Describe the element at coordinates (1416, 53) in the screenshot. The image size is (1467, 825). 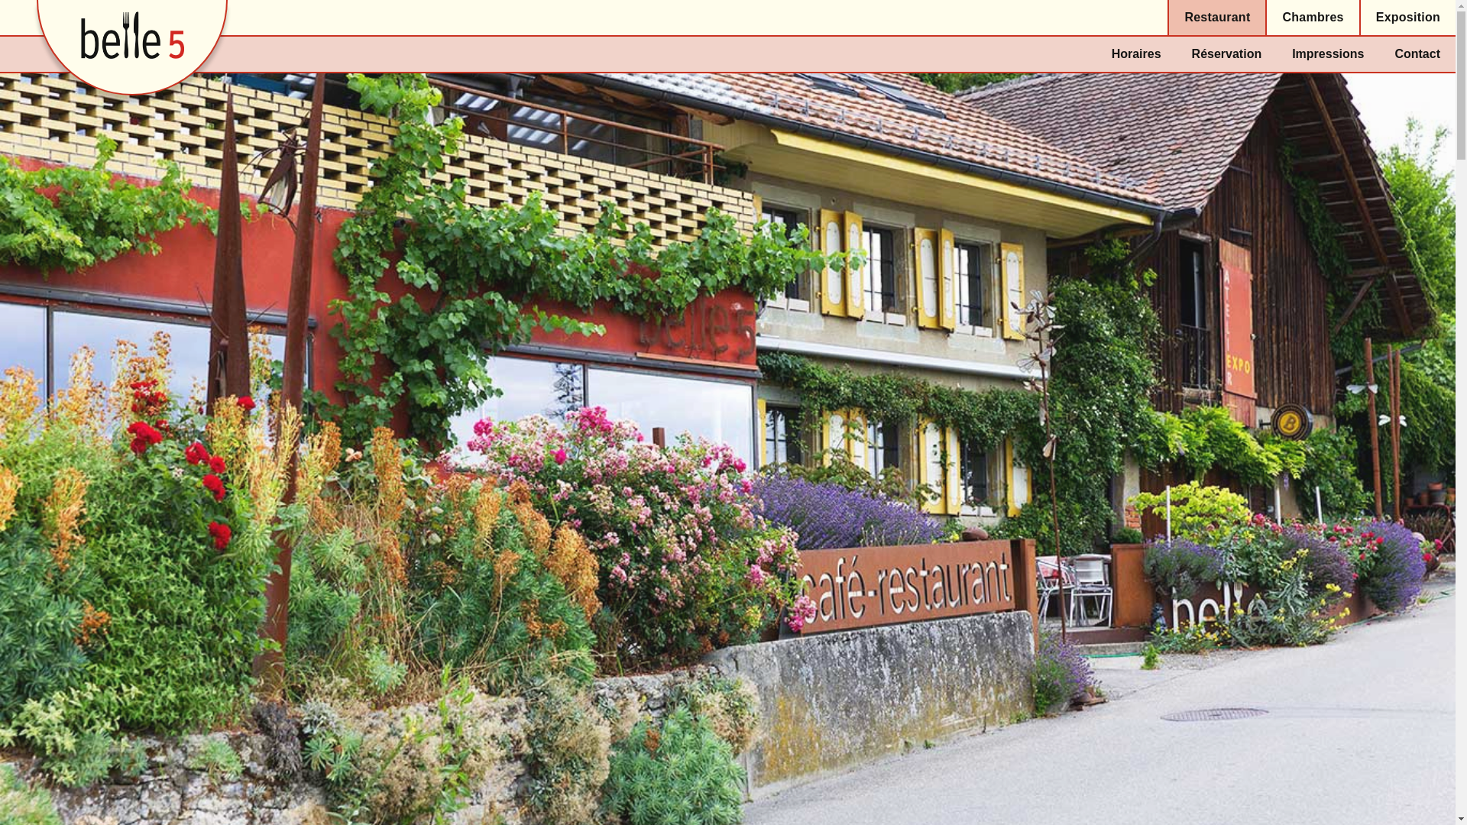
I see `'Contact'` at that location.